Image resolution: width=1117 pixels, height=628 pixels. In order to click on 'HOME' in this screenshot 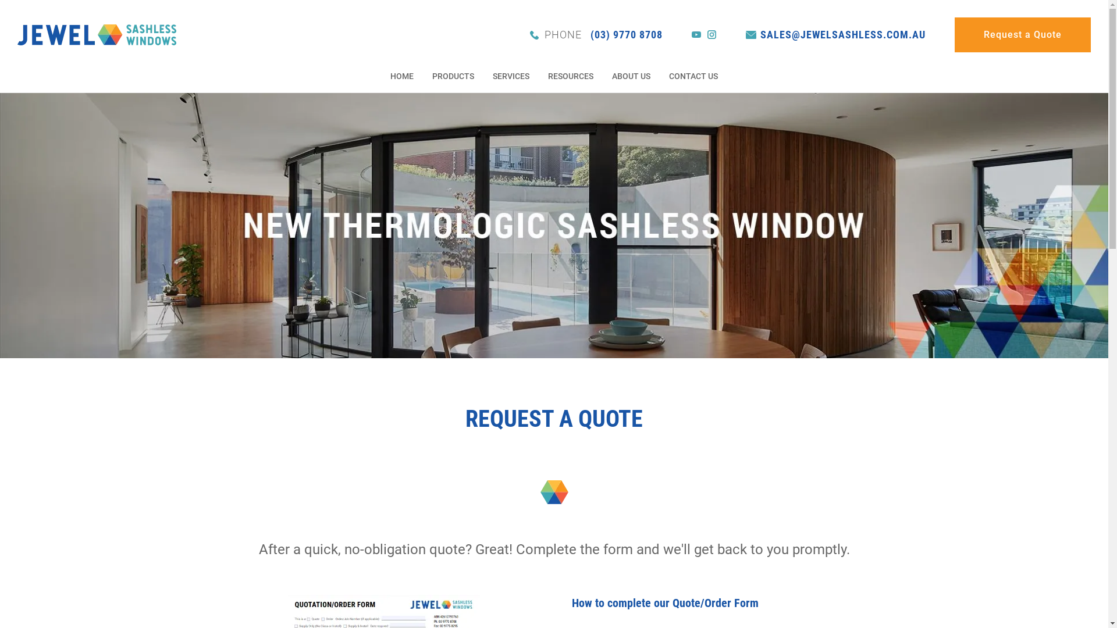, I will do `click(402, 77)`.